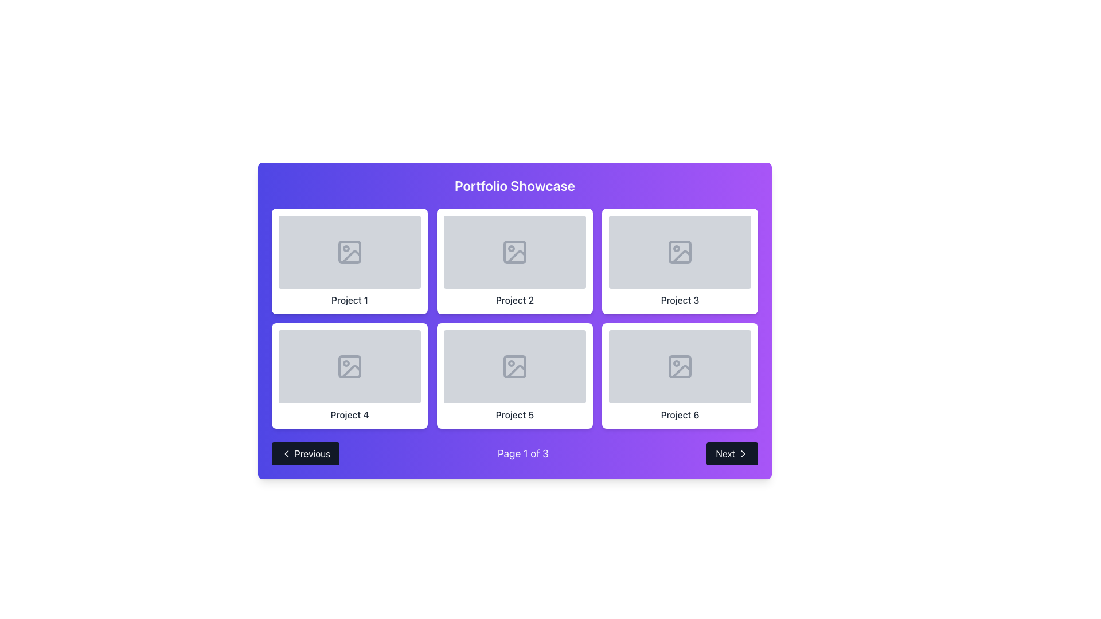  Describe the element at coordinates (514, 261) in the screenshot. I see `the rectangular card with a white background and a centered gray placeholder image that displays the text 'Project 2' in bold gray font` at that location.